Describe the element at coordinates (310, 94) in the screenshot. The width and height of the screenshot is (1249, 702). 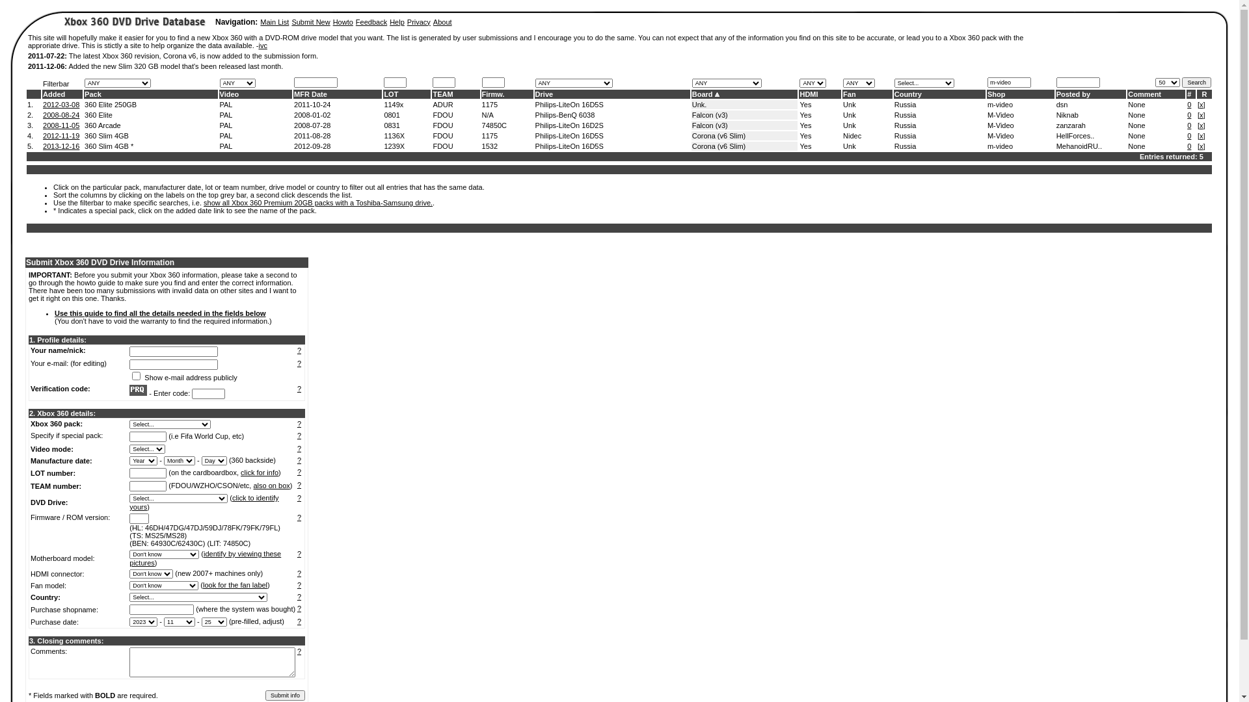
I see `'MFR Date'` at that location.